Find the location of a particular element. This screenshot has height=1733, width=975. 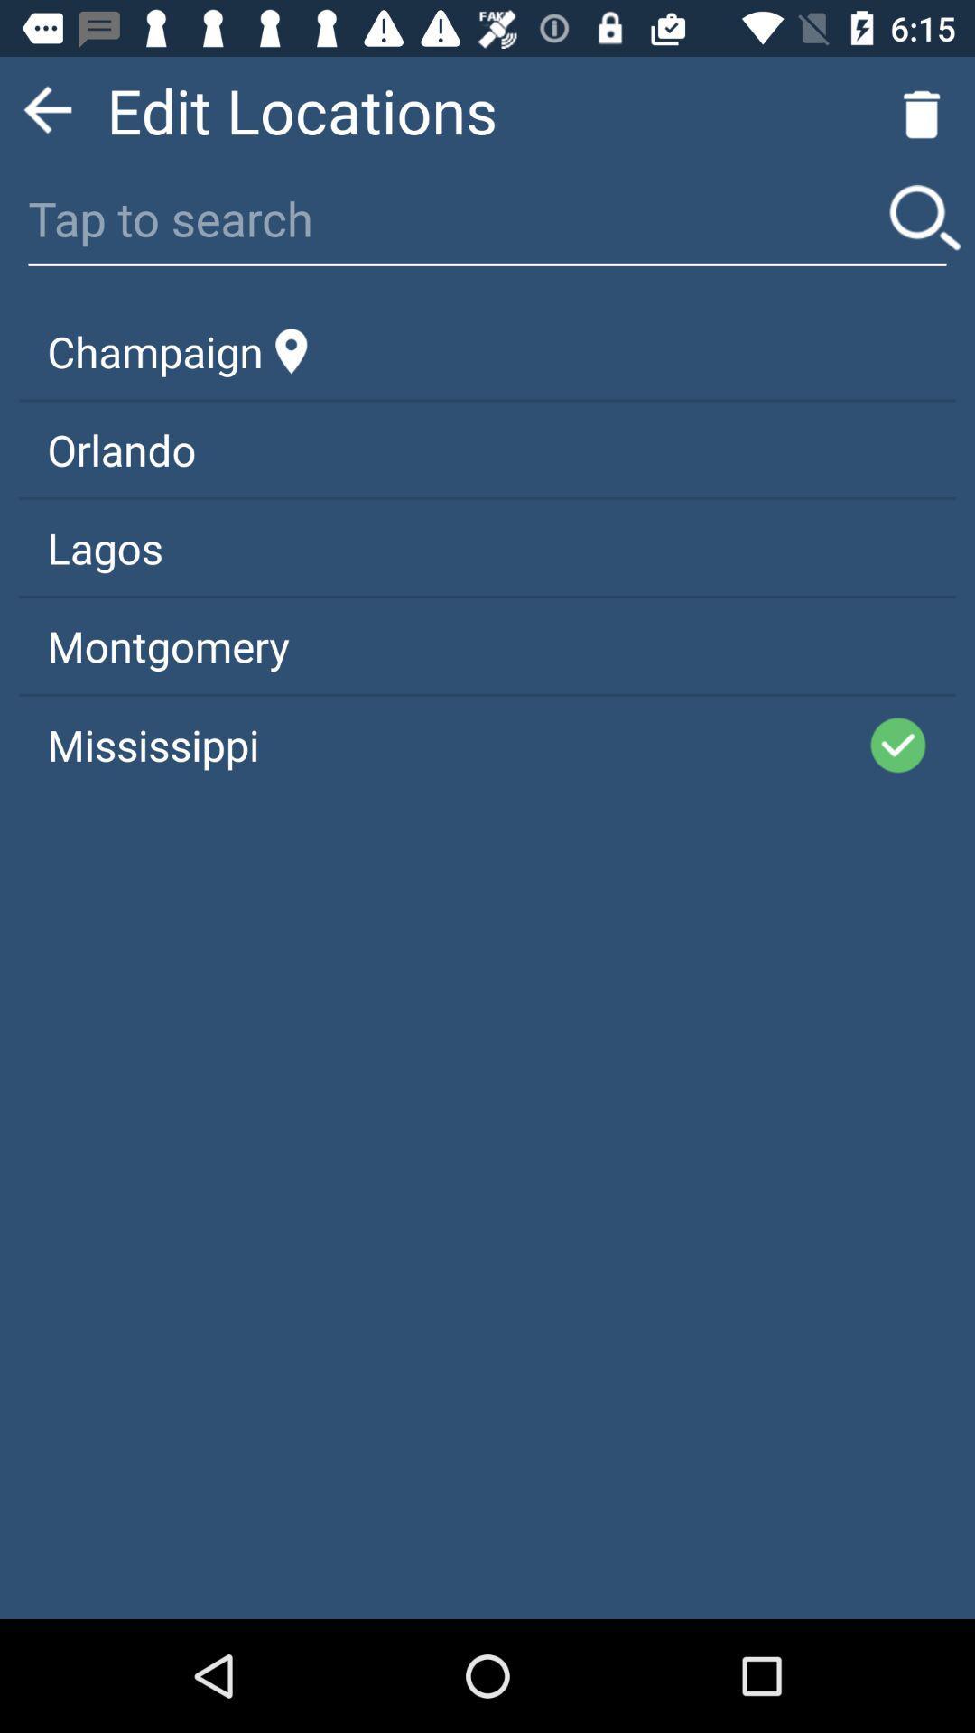

the search icon is located at coordinates (924, 232).